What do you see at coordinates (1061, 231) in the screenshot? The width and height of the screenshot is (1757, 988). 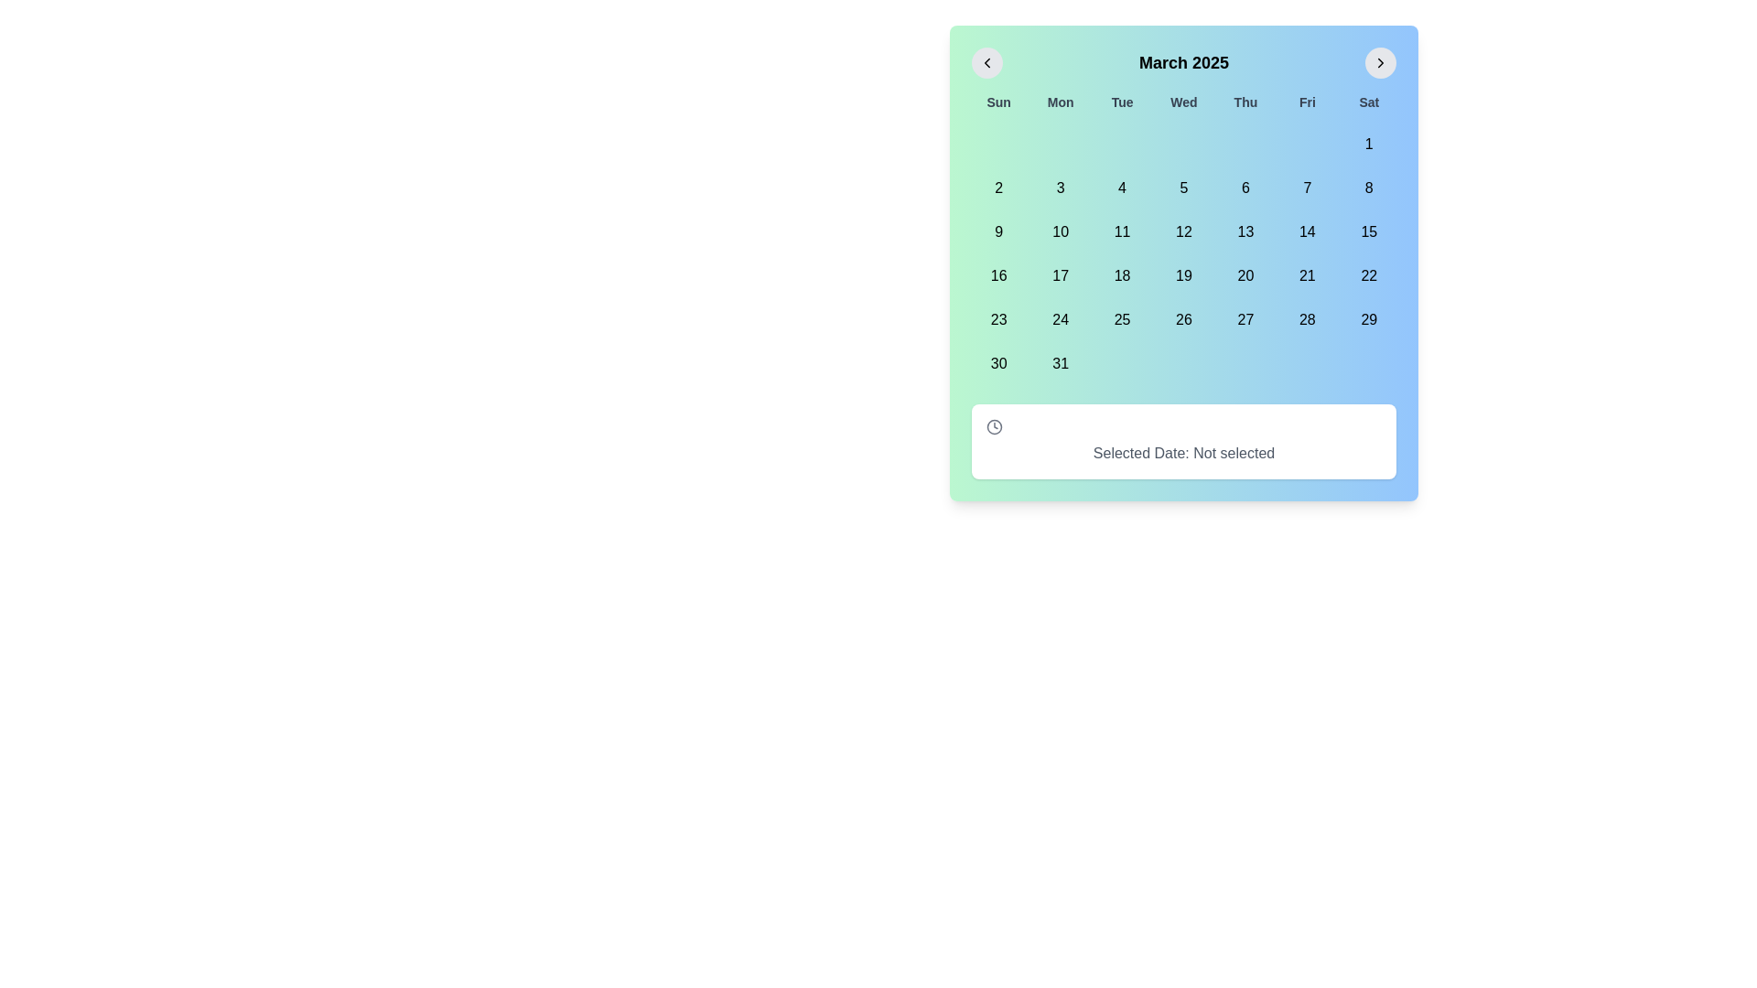 I see `the calendar button representing the date '10'` at bounding box center [1061, 231].